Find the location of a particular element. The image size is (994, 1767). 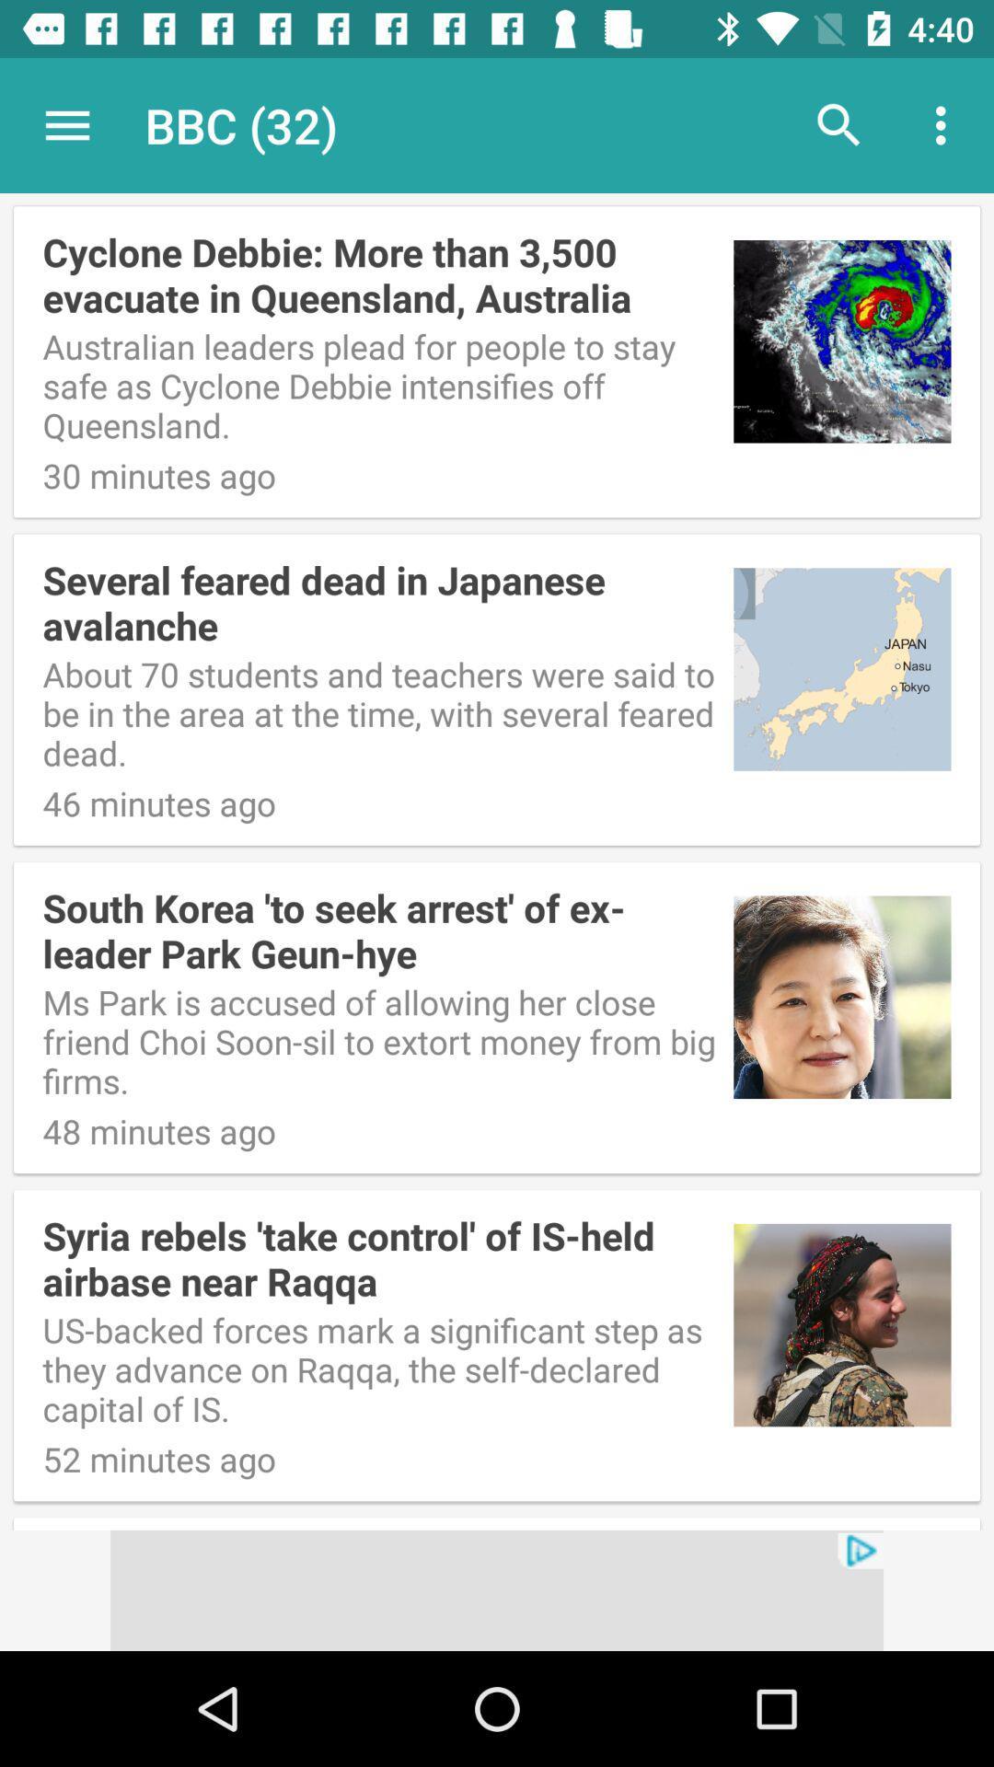

the app below 52 minutes ago app is located at coordinates (497, 1589).